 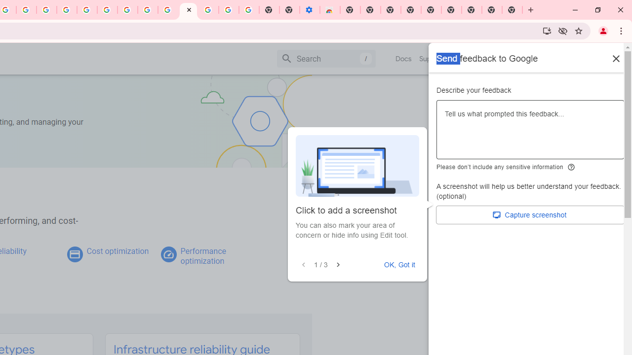 What do you see at coordinates (107, 10) in the screenshot?
I see `'Google Account Help'` at bounding box center [107, 10].